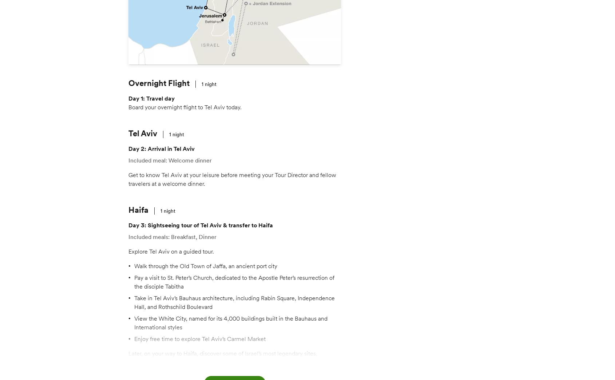 The image size is (615, 380). What do you see at coordinates (358, 95) in the screenshot?
I see `'Jul 6'` at bounding box center [358, 95].